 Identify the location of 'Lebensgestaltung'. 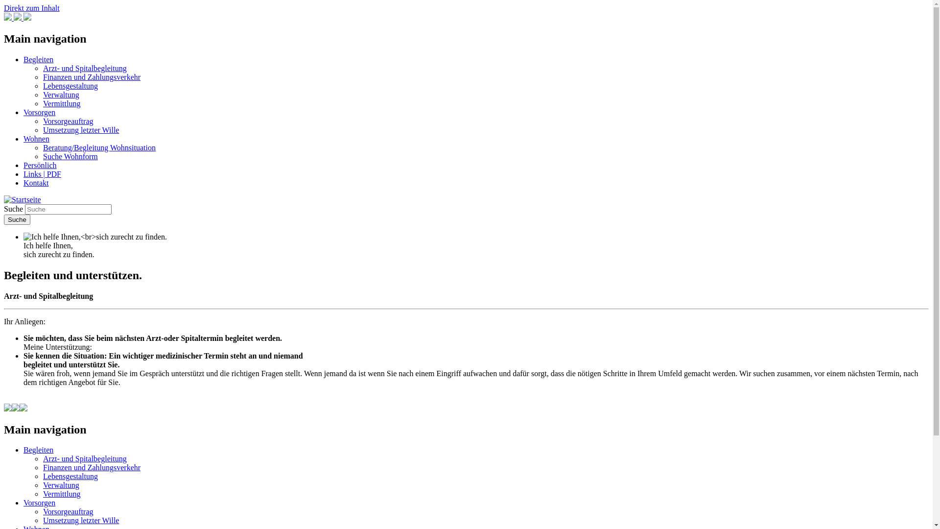
(70, 85).